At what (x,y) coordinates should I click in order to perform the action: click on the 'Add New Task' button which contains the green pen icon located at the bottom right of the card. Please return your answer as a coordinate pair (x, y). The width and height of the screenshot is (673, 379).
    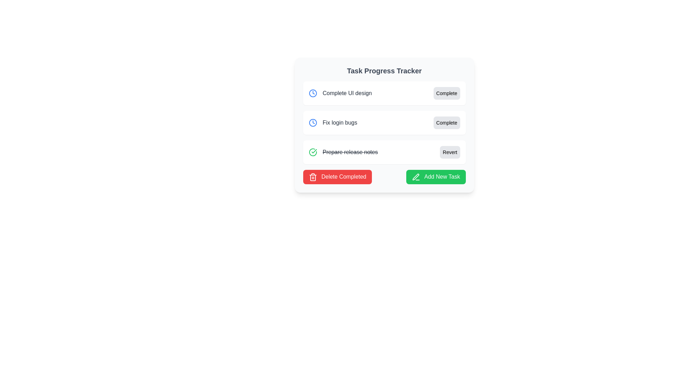
    Looking at the image, I should click on (416, 177).